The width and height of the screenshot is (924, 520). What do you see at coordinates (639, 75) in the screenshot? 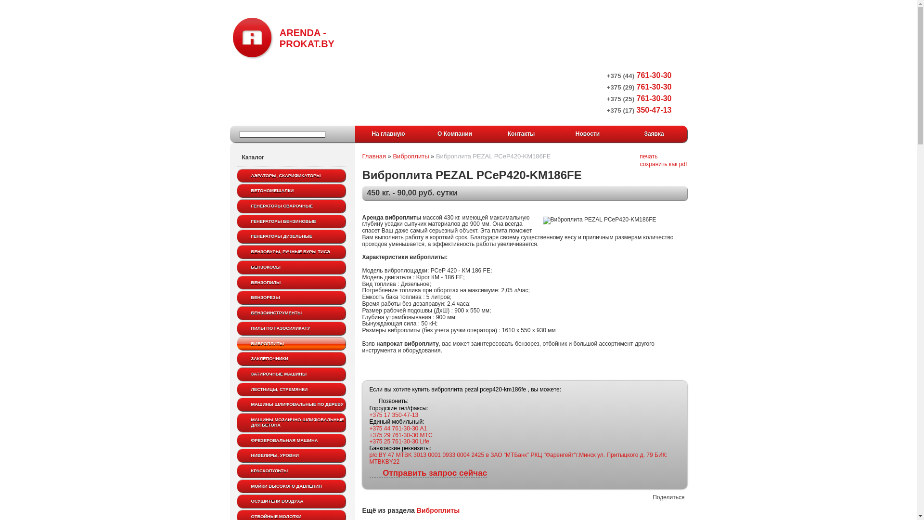
I see `'+375 (44) 761-30-30'` at bounding box center [639, 75].